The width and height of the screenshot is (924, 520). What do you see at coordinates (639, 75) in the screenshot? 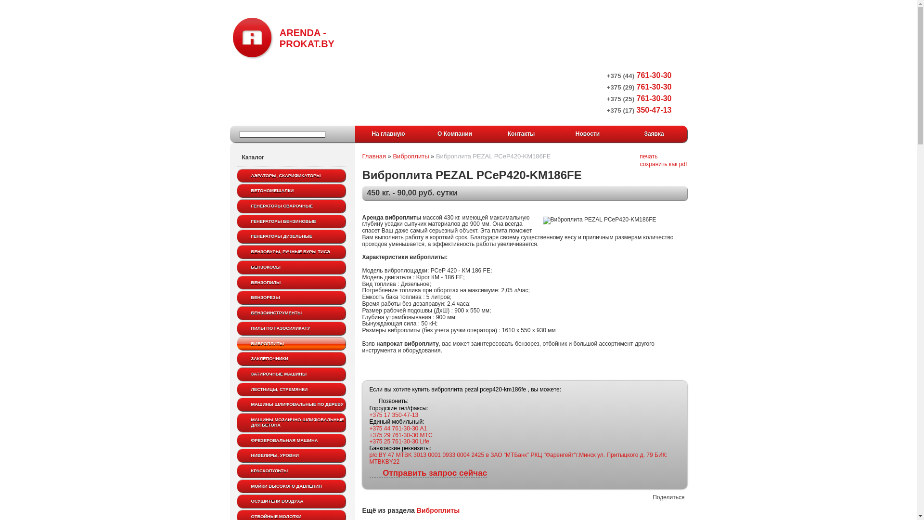
I see `'+375 (44) 761-30-30'` at bounding box center [639, 75].